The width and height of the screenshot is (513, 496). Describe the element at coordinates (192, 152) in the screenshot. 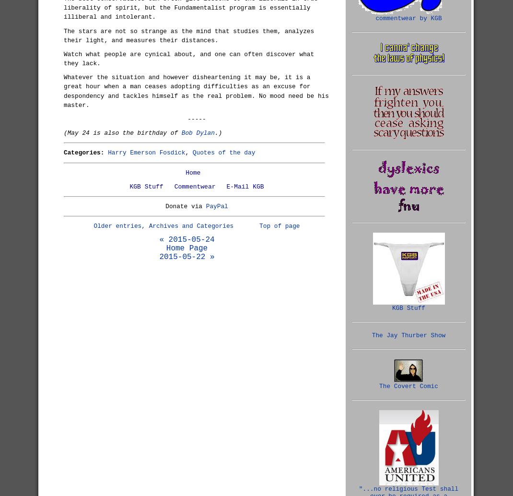

I see `'Quotes of the day'` at that location.